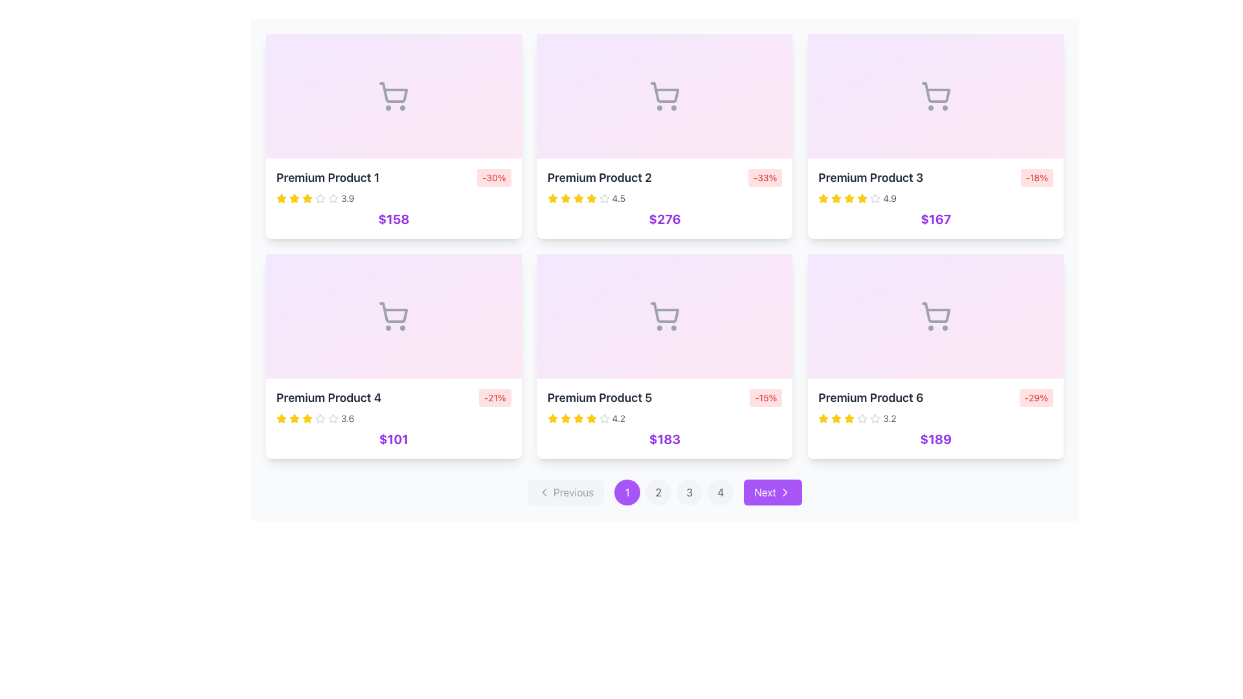  What do you see at coordinates (665, 219) in the screenshot?
I see `price displayed on the text label located in the lower section of the 'Premium Product 2' card, which is centered horizontally below the rating display` at bounding box center [665, 219].